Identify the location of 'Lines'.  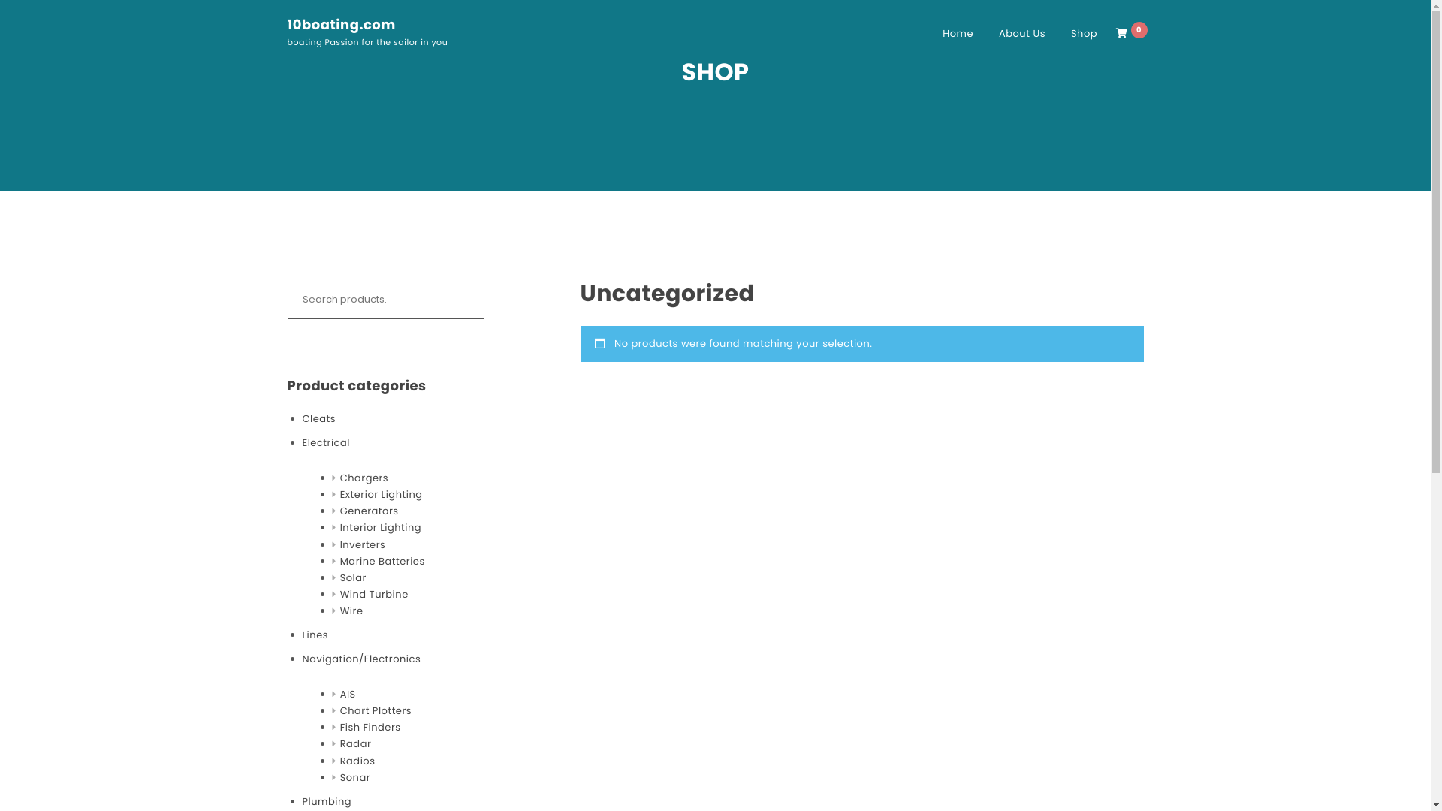
(313, 635).